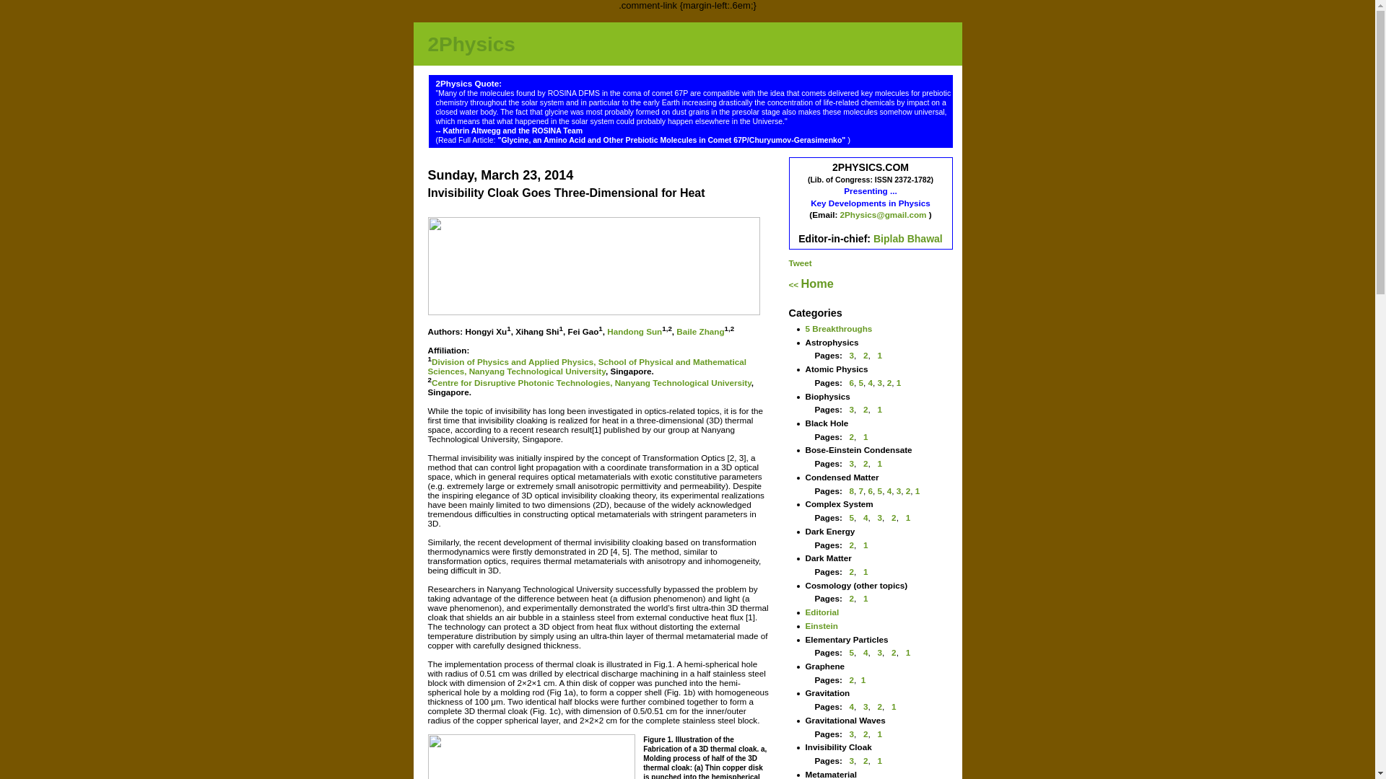 The image size is (1386, 779). What do you see at coordinates (866, 652) in the screenshot?
I see `'4'` at bounding box center [866, 652].